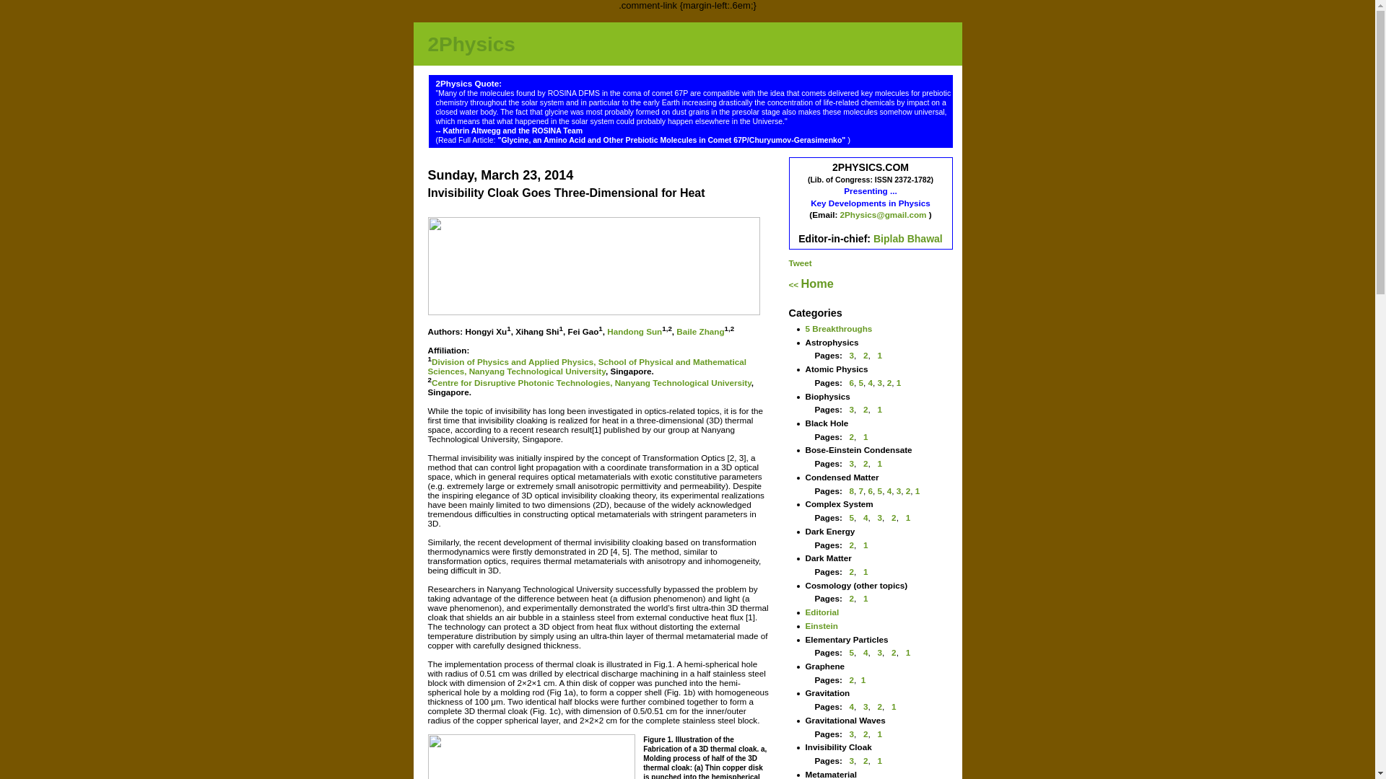 The image size is (1386, 779). What do you see at coordinates (866, 652) in the screenshot?
I see `'4'` at bounding box center [866, 652].